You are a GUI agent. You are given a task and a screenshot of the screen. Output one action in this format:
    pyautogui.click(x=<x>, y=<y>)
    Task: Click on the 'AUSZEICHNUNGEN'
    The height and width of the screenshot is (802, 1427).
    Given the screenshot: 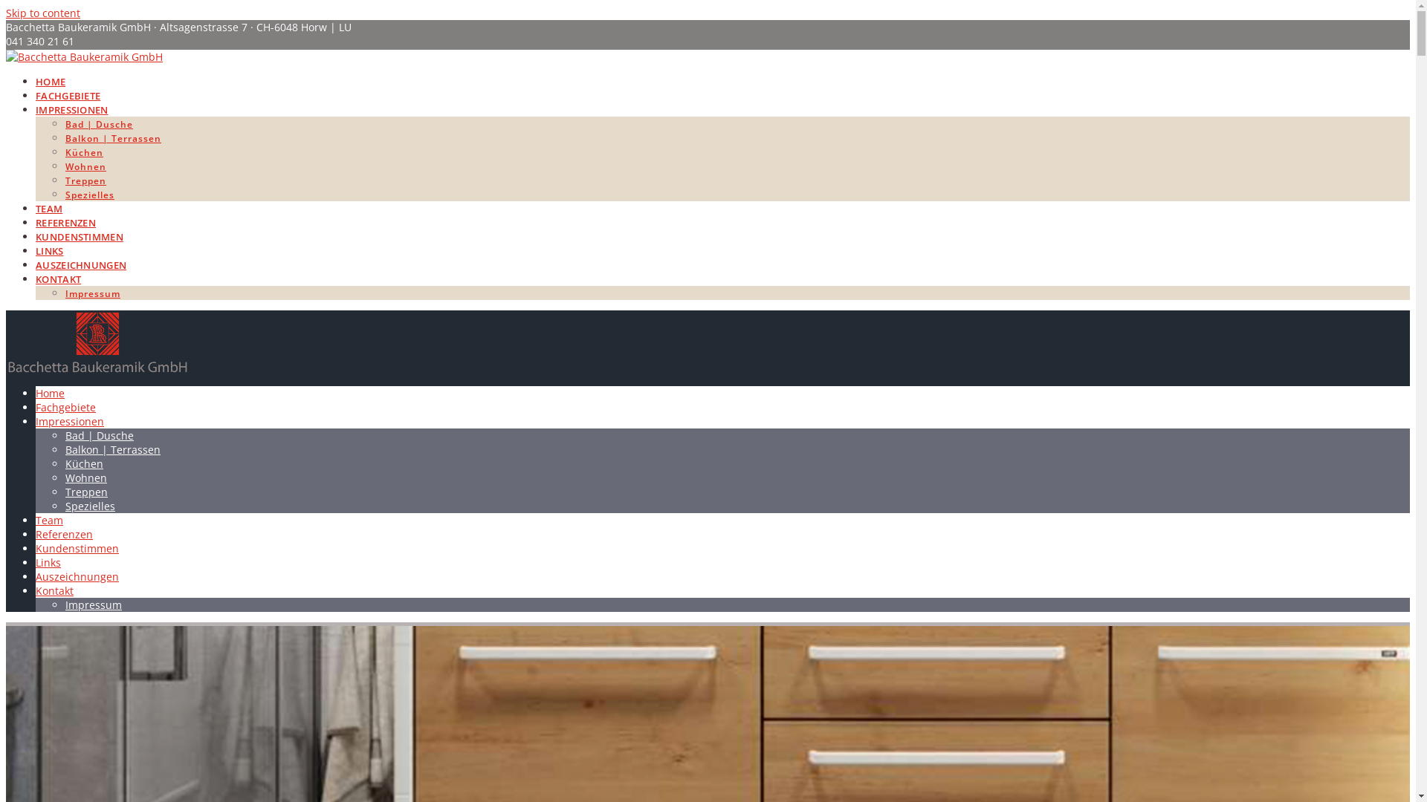 What is the action you would take?
    pyautogui.click(x=80, y=264)
    